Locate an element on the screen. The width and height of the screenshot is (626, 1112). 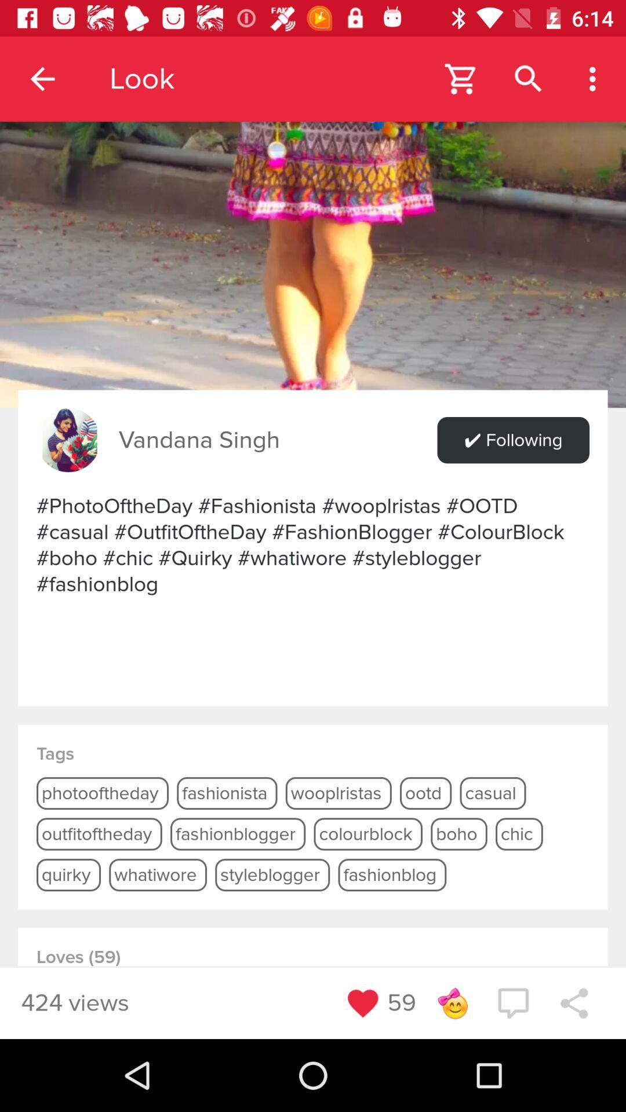
the icon next to the vandana singh item is located at coordinates (68, 440).